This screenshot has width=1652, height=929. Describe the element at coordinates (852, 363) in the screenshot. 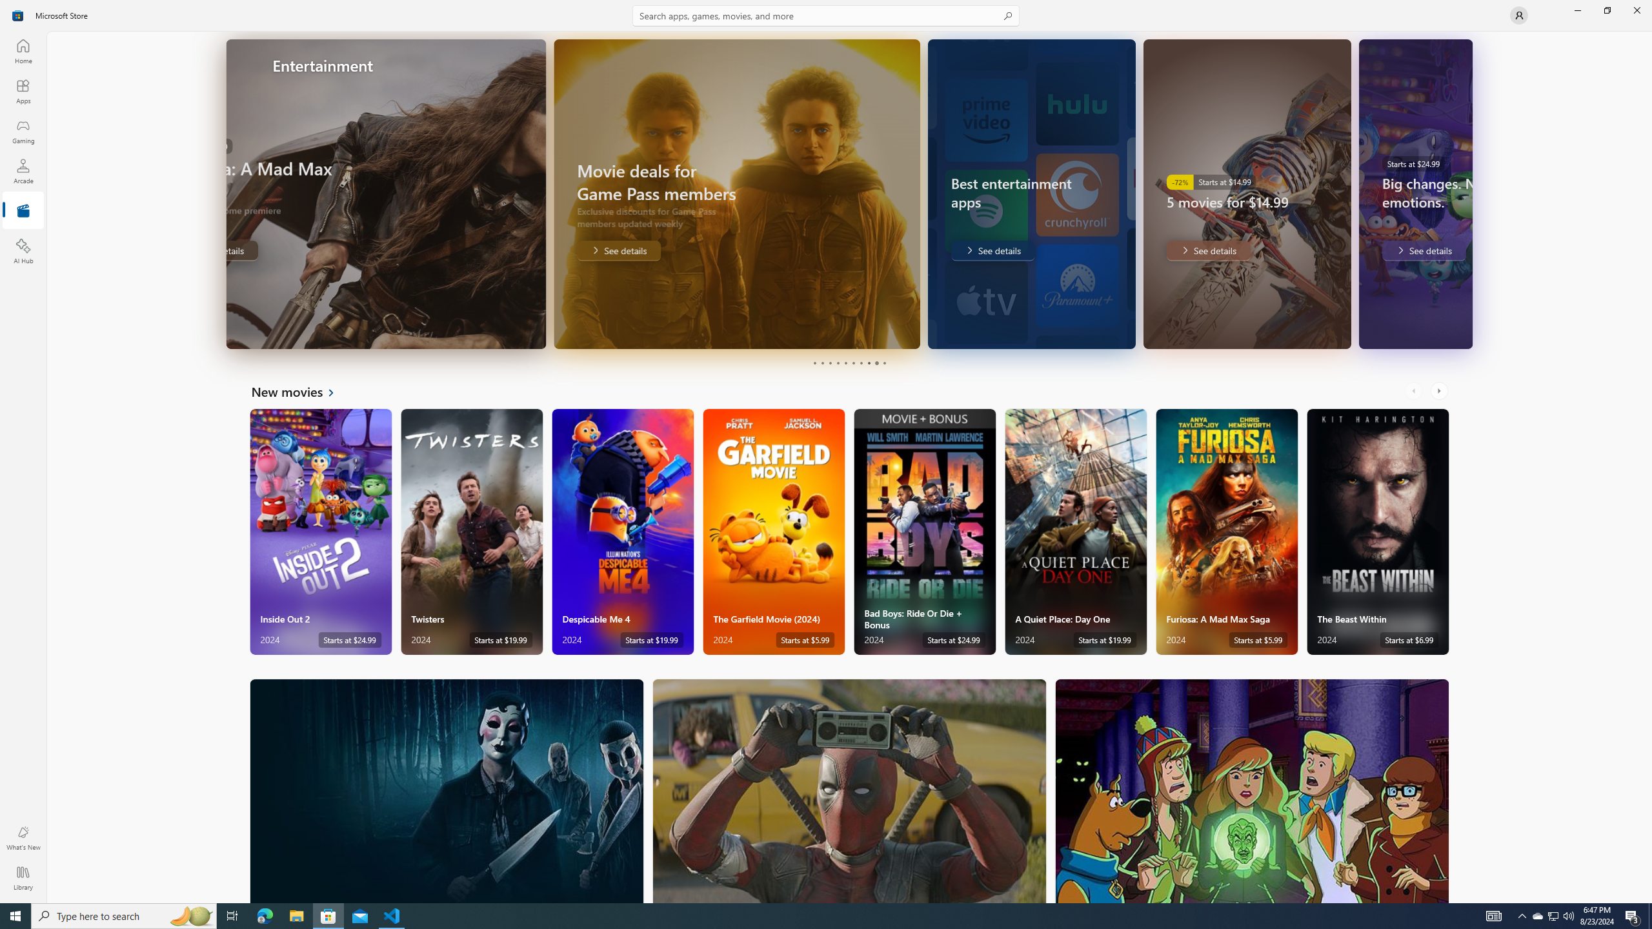

I see `'Page 6'` at that location.